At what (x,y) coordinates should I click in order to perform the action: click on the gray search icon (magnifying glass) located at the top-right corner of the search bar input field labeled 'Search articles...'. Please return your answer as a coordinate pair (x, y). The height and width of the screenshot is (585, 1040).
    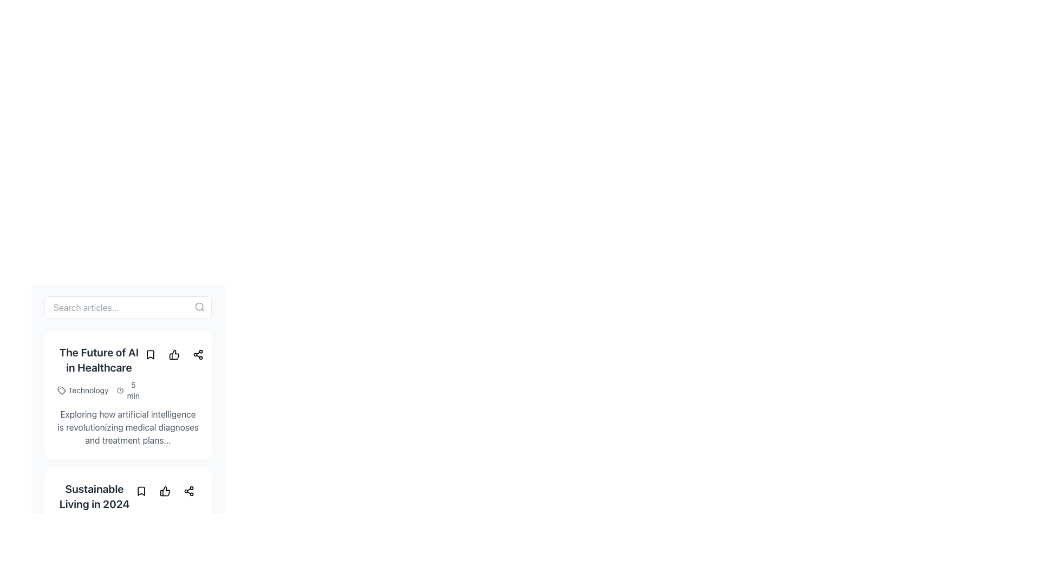
    Looking at the image, I should click on (200, 307).